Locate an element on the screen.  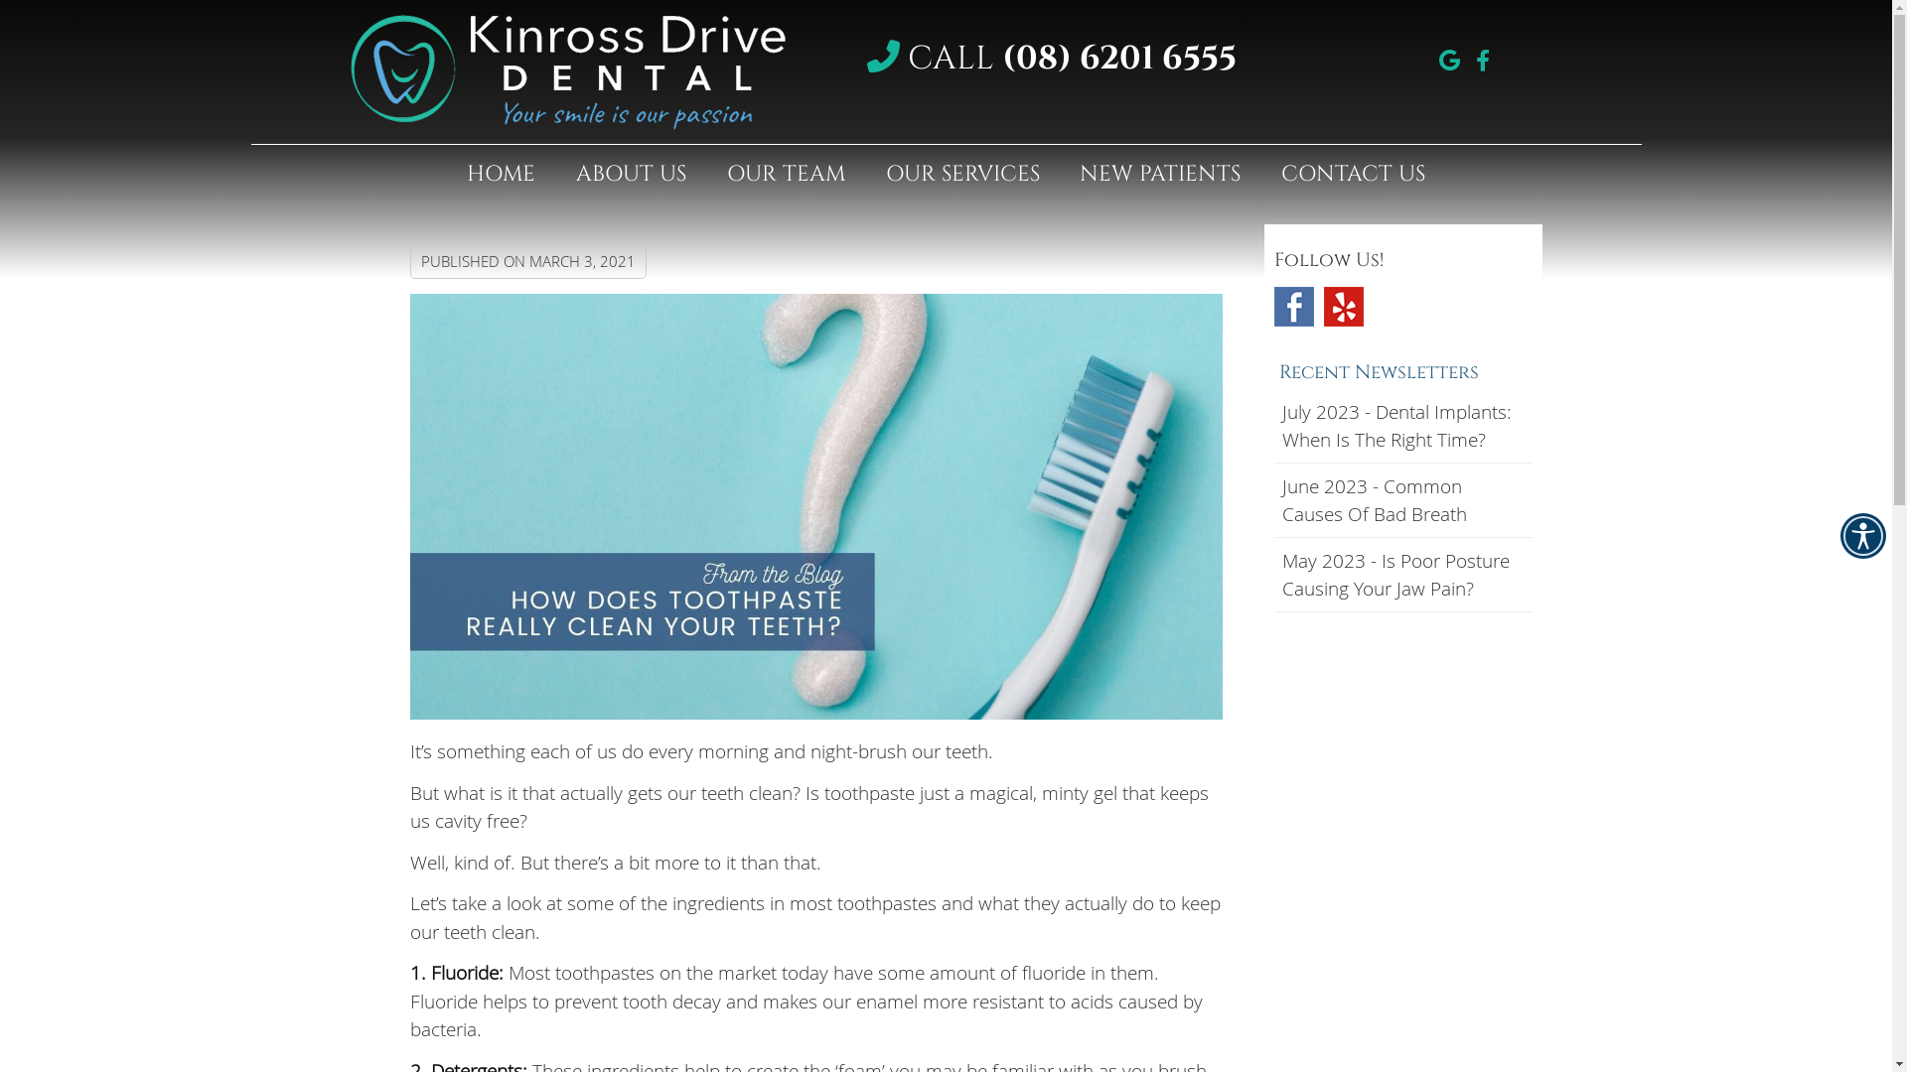
'NEW PATIENTS' is located at coordinates (1159, 174).